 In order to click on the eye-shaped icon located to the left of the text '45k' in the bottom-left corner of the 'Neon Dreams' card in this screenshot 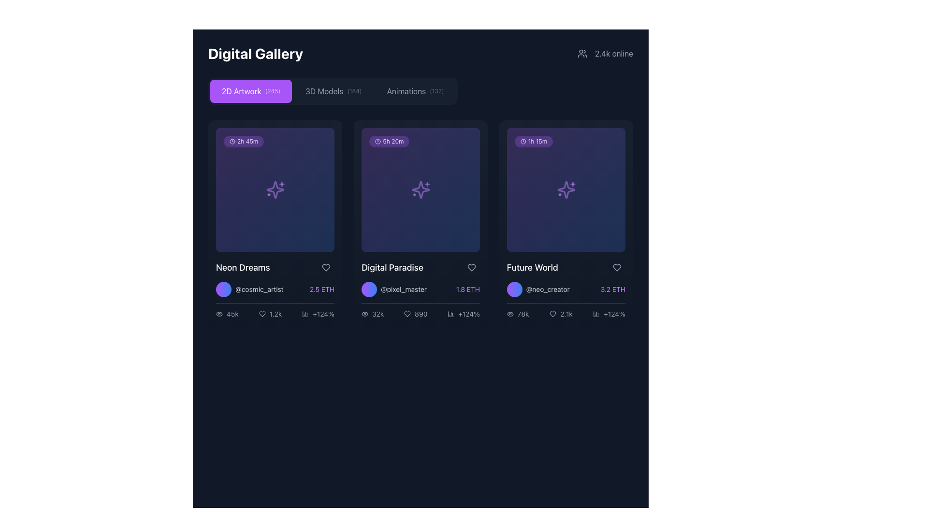, I will do `click(219, 314)`.